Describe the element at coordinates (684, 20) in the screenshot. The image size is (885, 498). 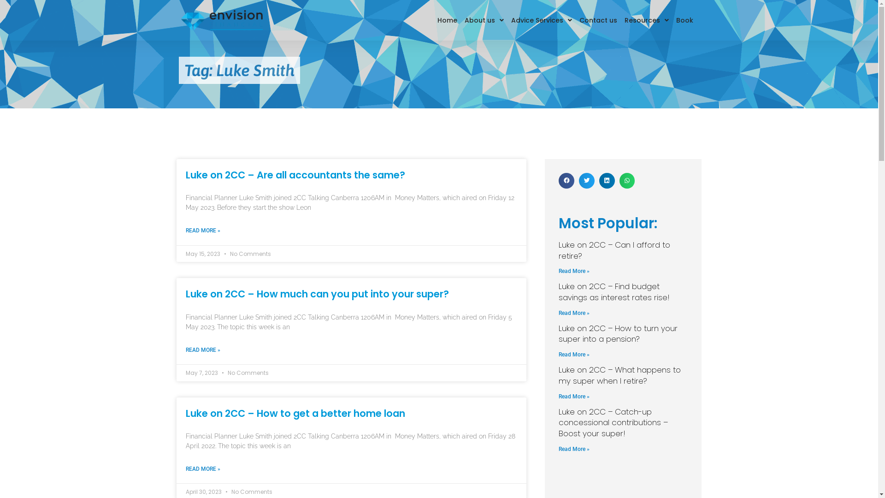
I see `'Book'` at that location.